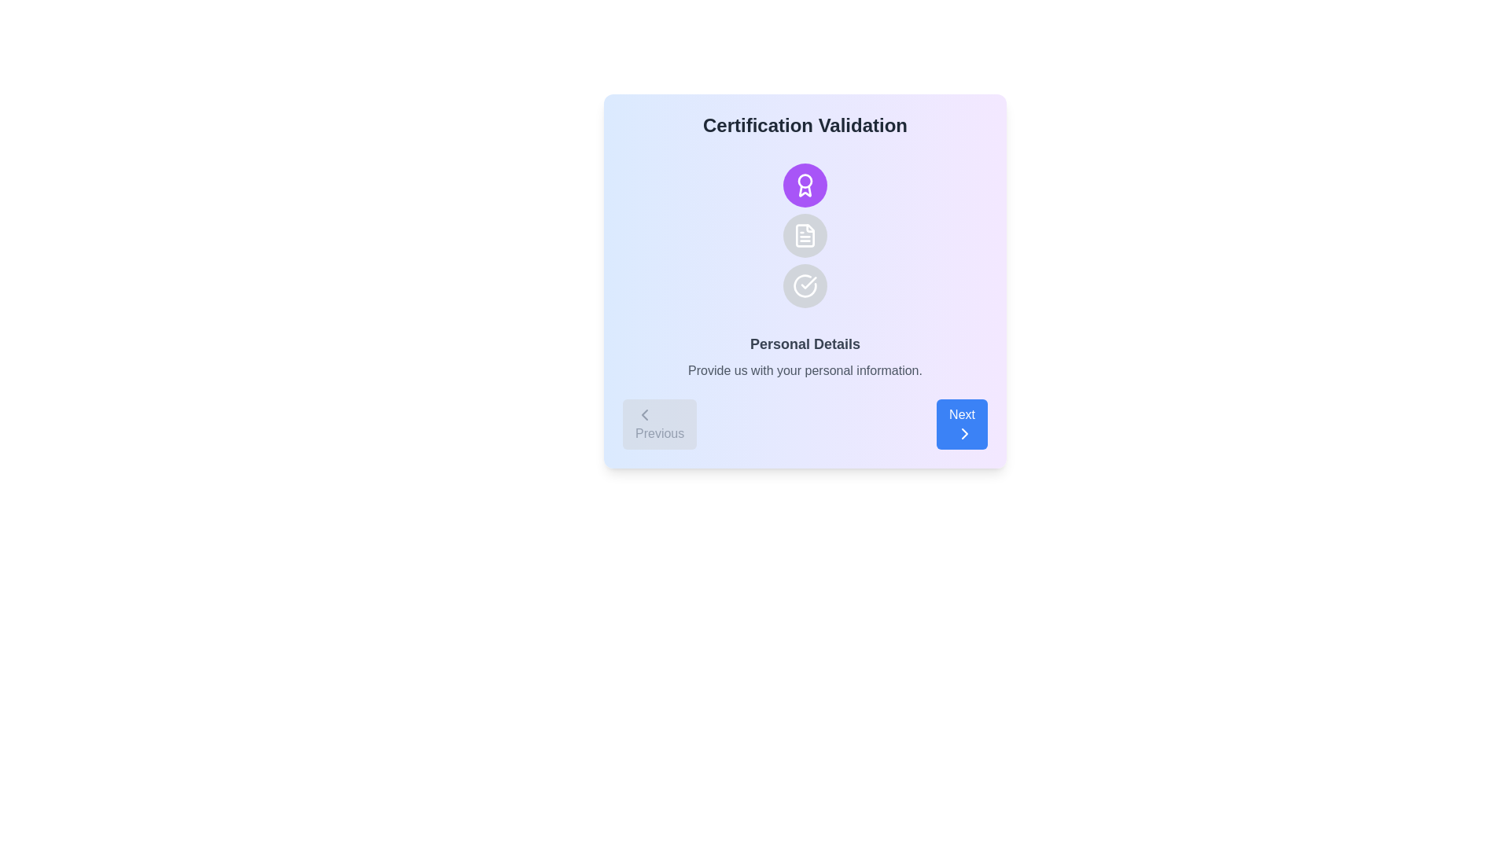 The image size is (1510, 849). Describe the element at coordinates (660, 424) in the screenshot. I see `the 'Previous' button with rounded corners and a soft gray background to change its background color` at that location.